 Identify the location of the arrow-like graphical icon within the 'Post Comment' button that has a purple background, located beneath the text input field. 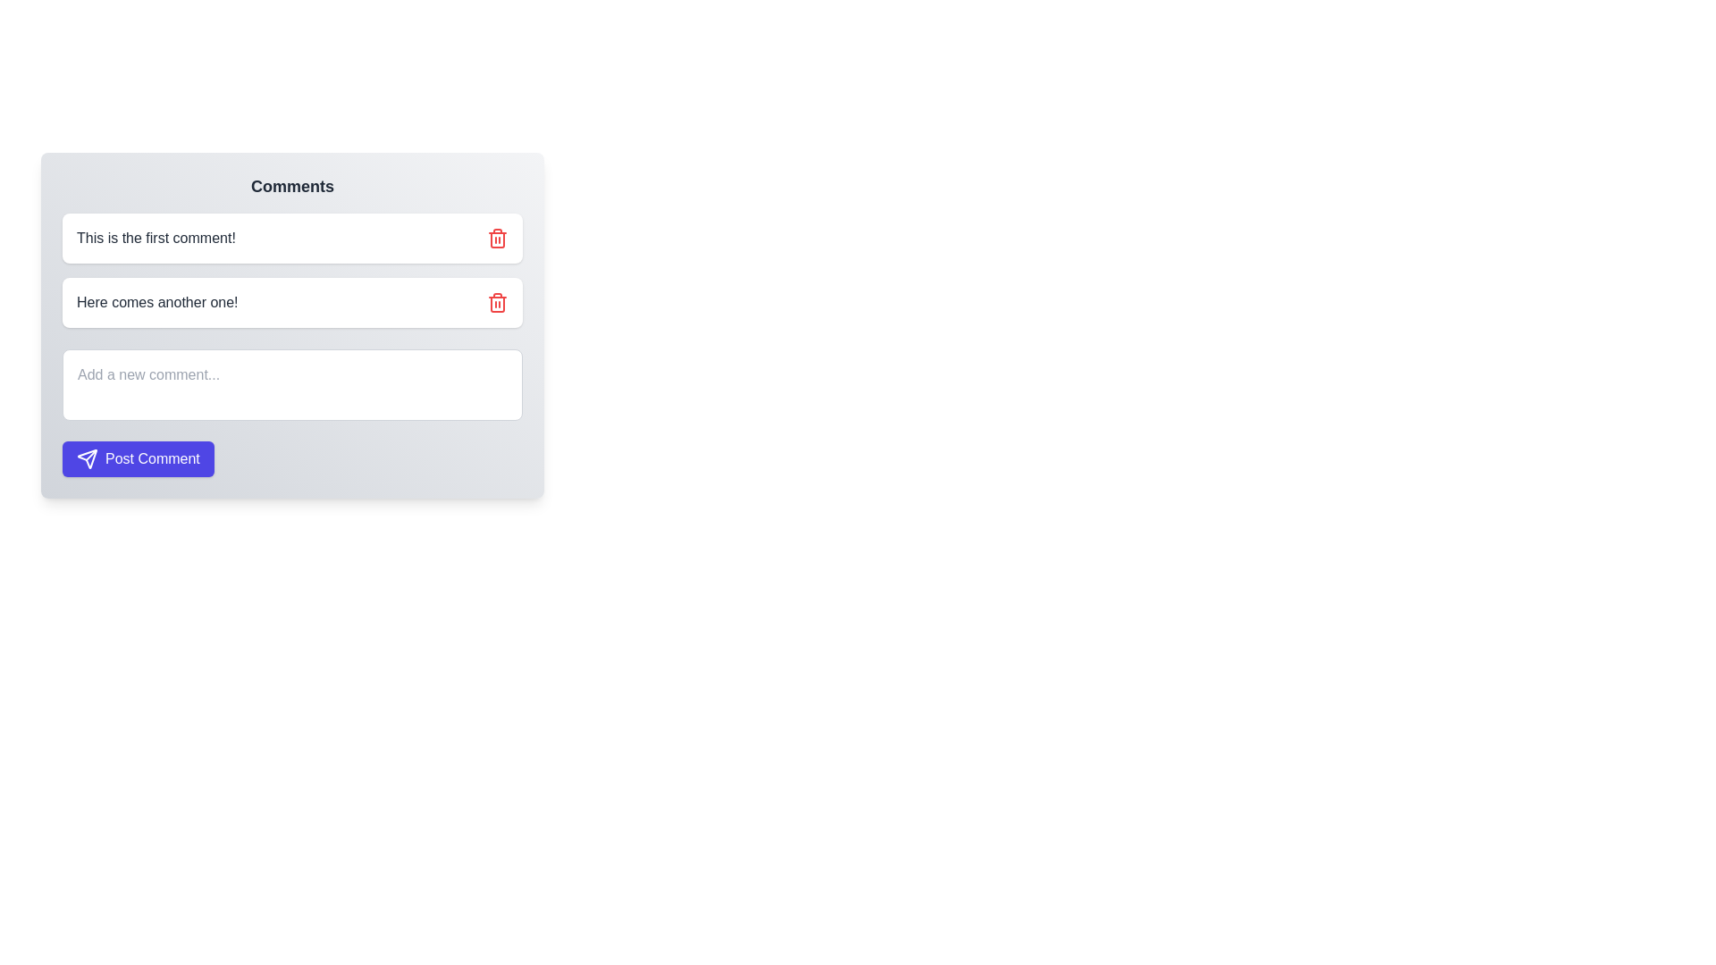
(86, 457).